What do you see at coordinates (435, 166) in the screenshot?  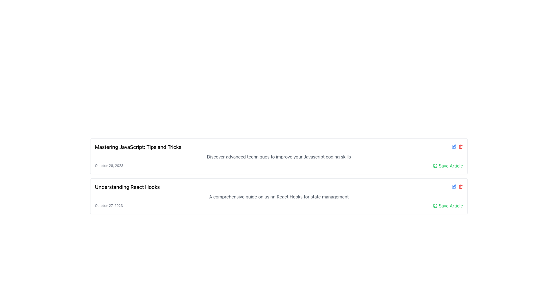 I see `the save icon located to the right of the article title and description for 'Mastering JavaScript: Tips and Tricks'` at bounding box center [435, 166].